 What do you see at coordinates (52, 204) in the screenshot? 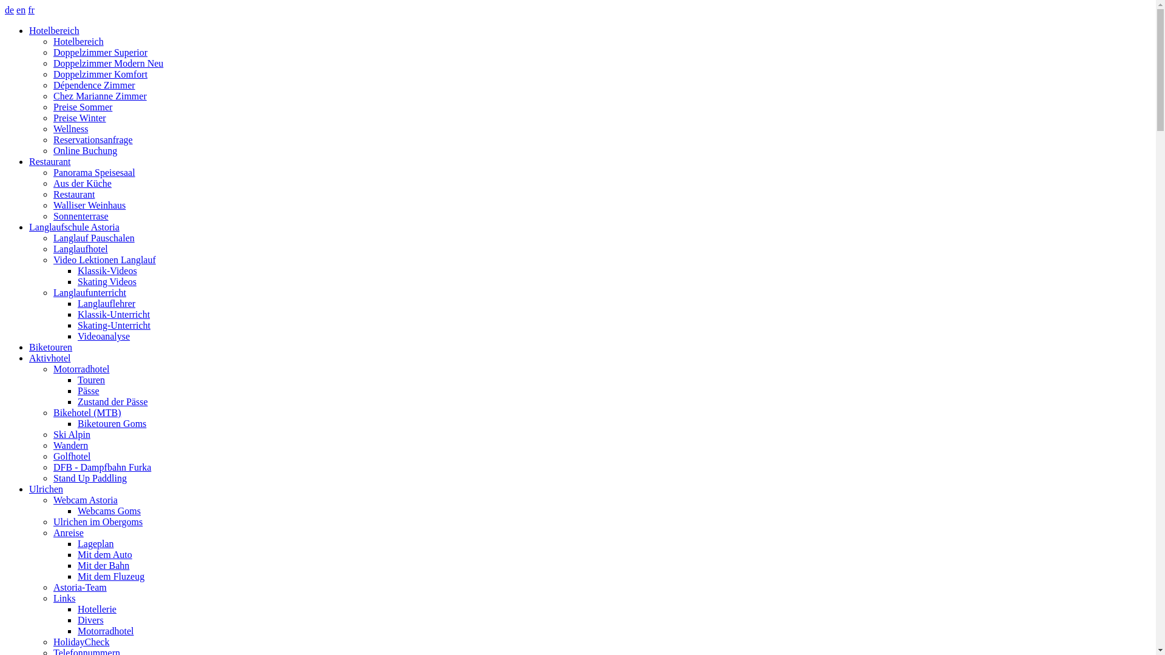
I see `'Walliser Weinhaus'` at bounding box center [52, 204].